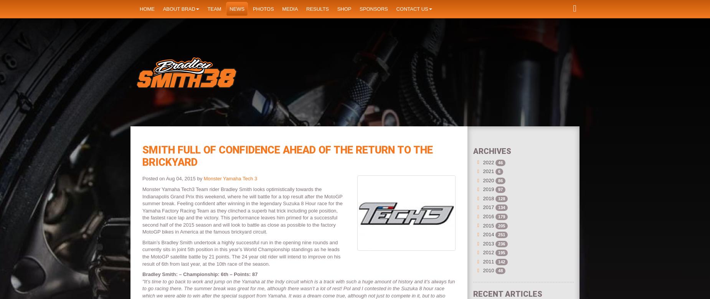 The width and height of the screenshot is (710, 299). Describe the element at coordinates (501, 243) in the screenshot. I see `'236'` at that location.